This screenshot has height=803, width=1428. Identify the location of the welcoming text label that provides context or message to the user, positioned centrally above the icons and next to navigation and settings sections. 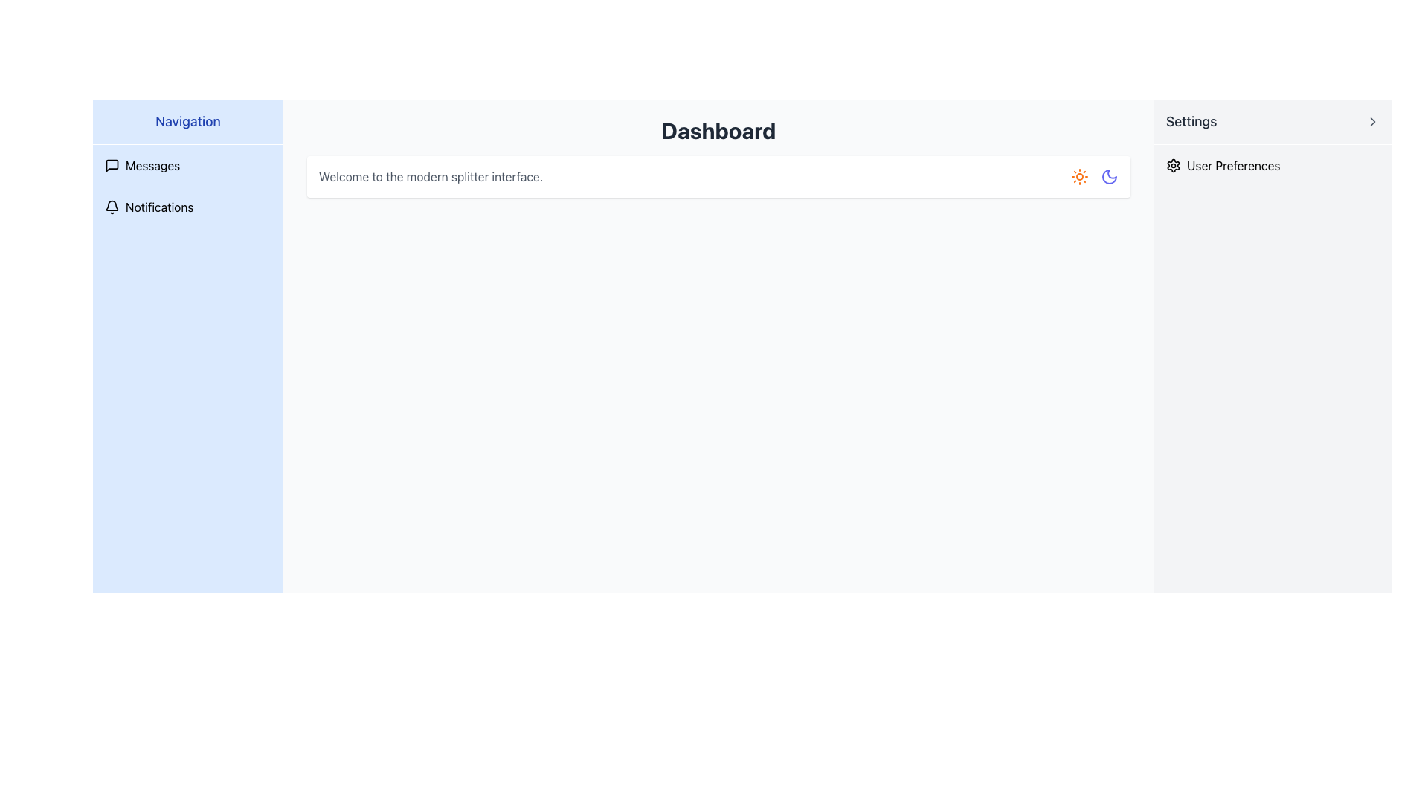
(430, 176).